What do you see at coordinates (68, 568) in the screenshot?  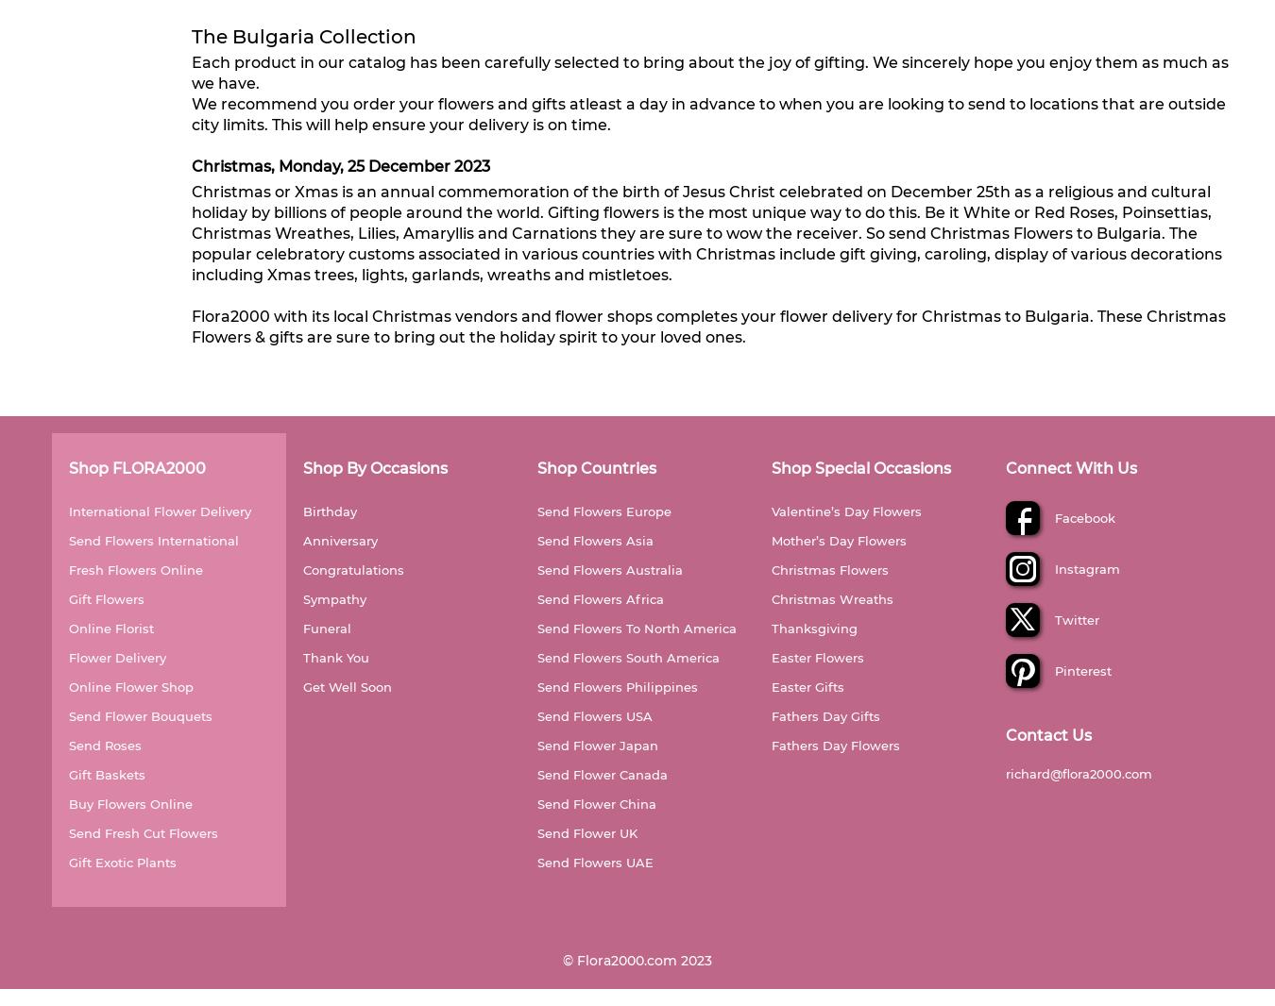 I see `'Fresh Flowers Online'` at bounding box center [68, 568].